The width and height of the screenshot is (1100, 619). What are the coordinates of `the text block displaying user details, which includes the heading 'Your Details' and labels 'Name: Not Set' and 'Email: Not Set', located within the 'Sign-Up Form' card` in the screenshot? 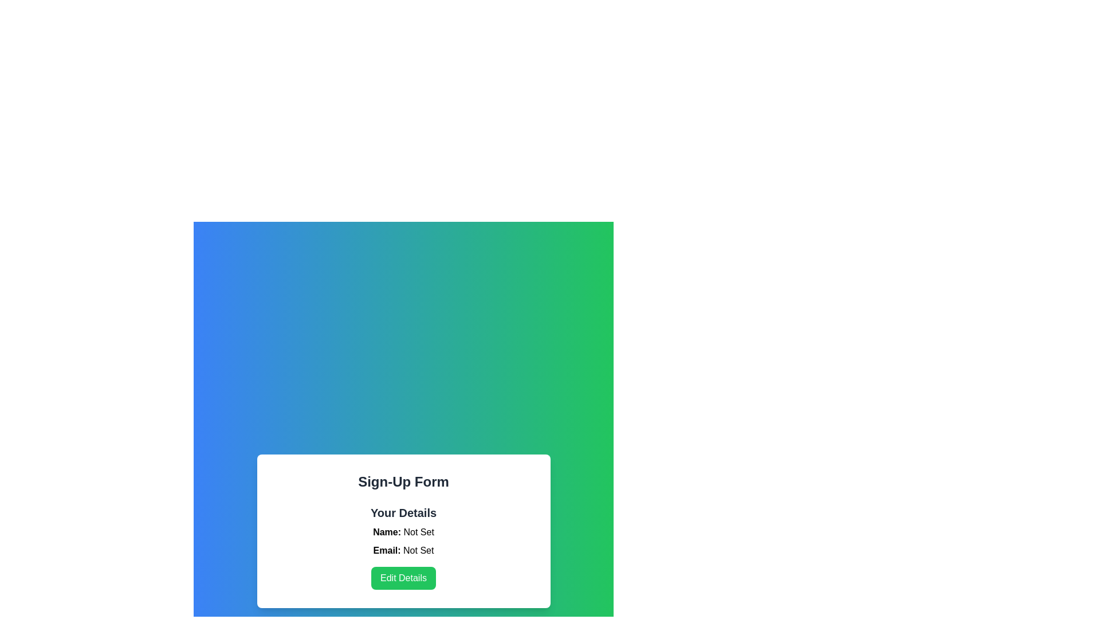 It's located at (403, 547).